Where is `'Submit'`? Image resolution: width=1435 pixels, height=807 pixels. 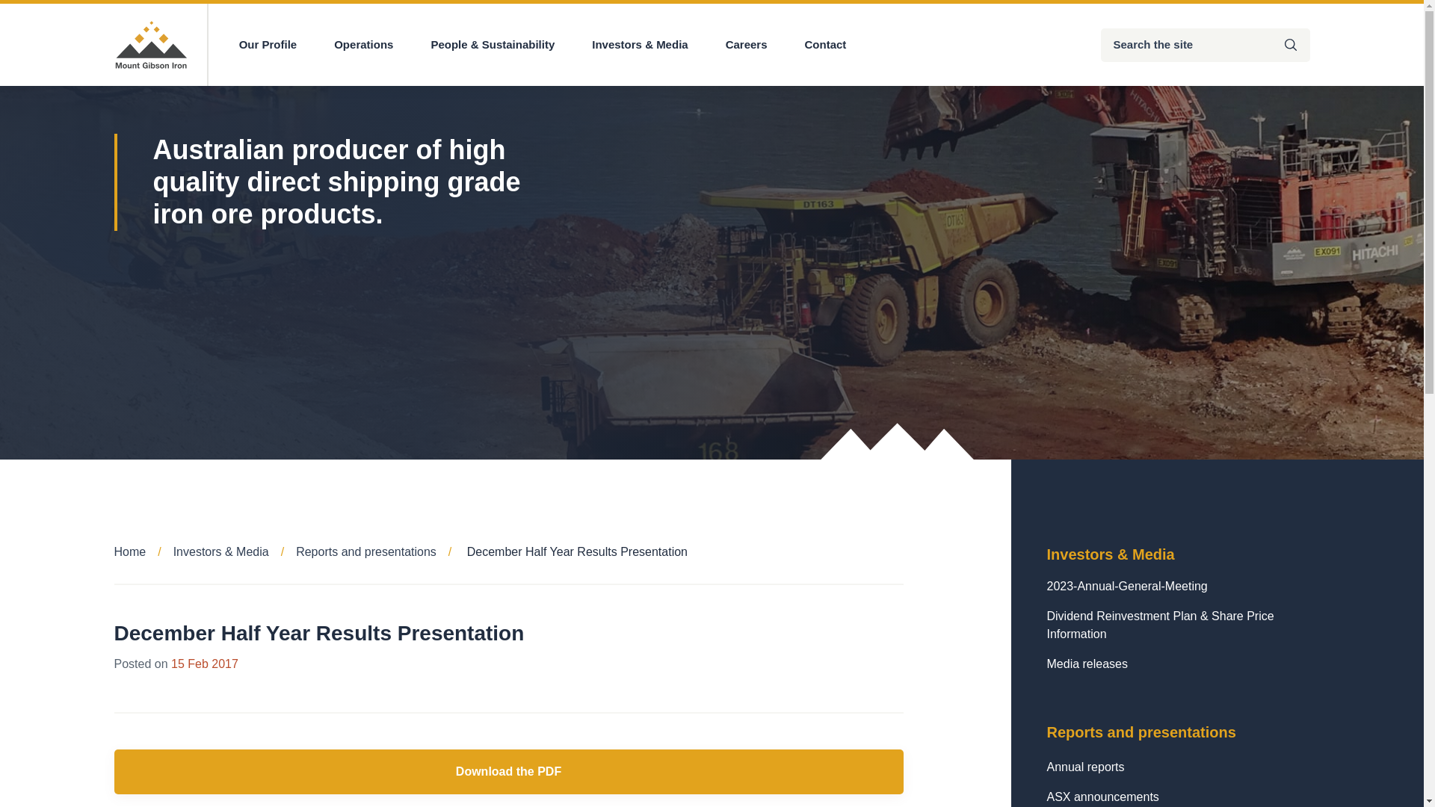
'Submit' is located at coordinates (1271, 44).